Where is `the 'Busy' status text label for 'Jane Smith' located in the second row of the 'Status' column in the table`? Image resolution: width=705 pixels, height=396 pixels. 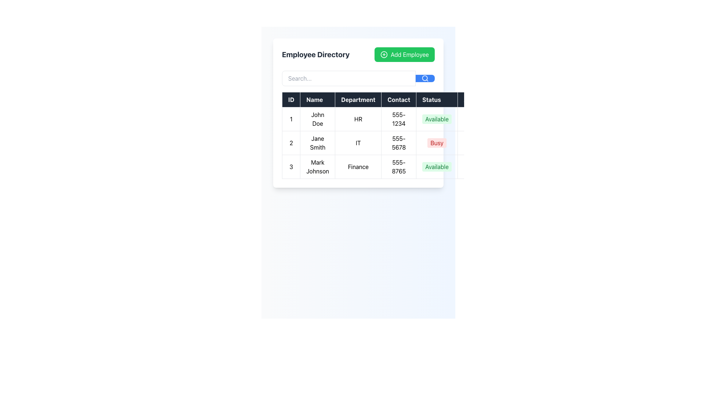
the 'Busy' status text label for 'Jane Smith' located in the second row of the 'Status' column in the table is located at coordinates (437, 143).